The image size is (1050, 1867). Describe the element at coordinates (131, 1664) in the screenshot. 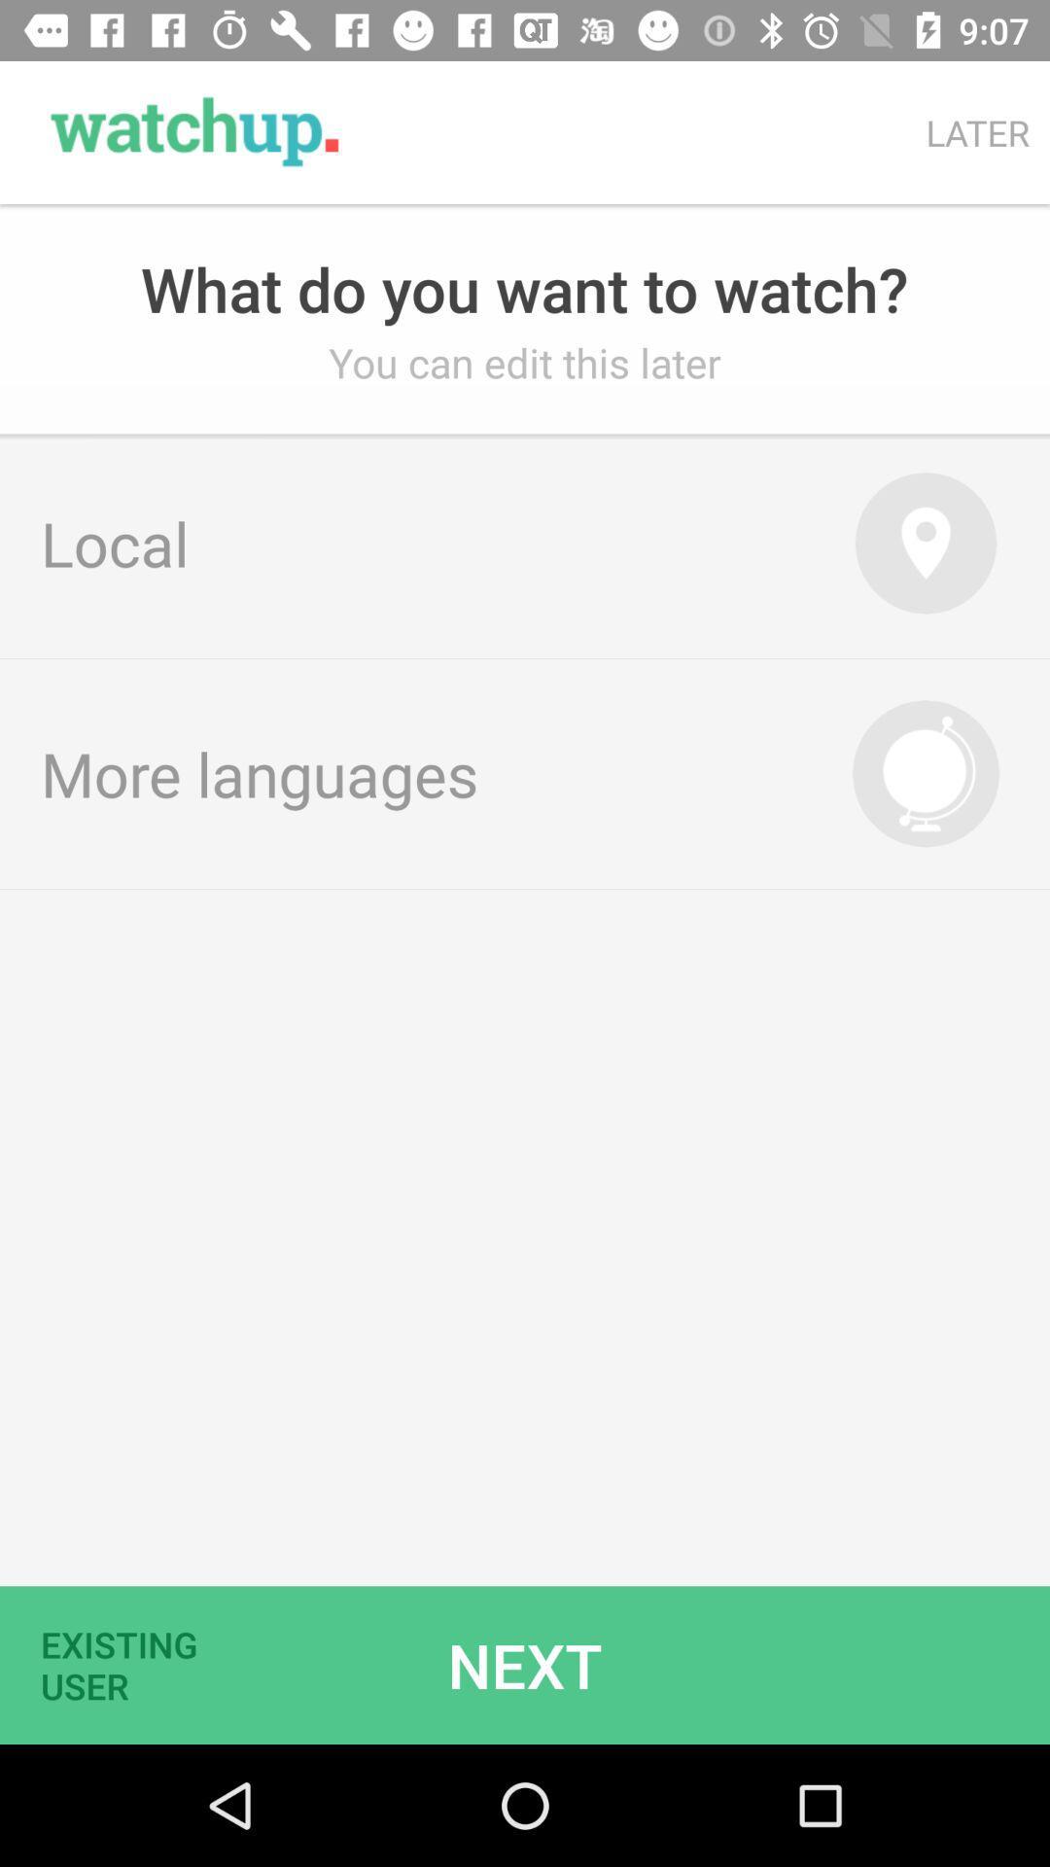

I see `the existing` at that location.